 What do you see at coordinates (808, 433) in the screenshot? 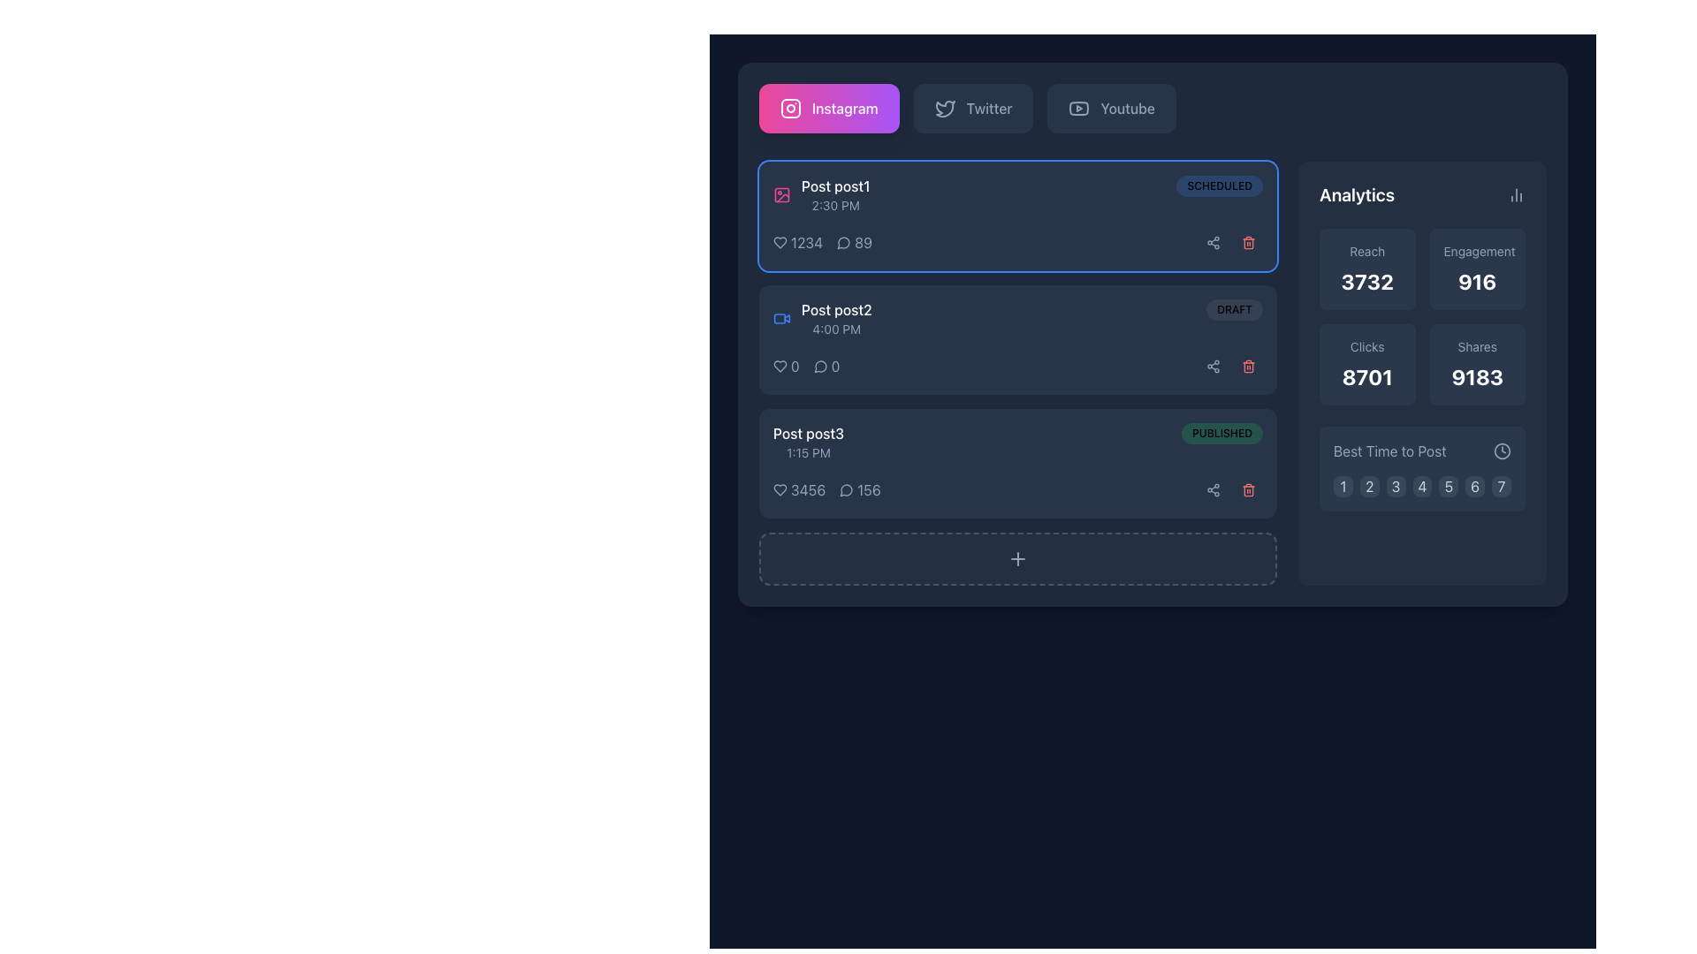
I see `the text label styled as 'Post post3' with white font color located in the lower-left area of the interface under 'Post post2'` at bounding box center [808, 433].